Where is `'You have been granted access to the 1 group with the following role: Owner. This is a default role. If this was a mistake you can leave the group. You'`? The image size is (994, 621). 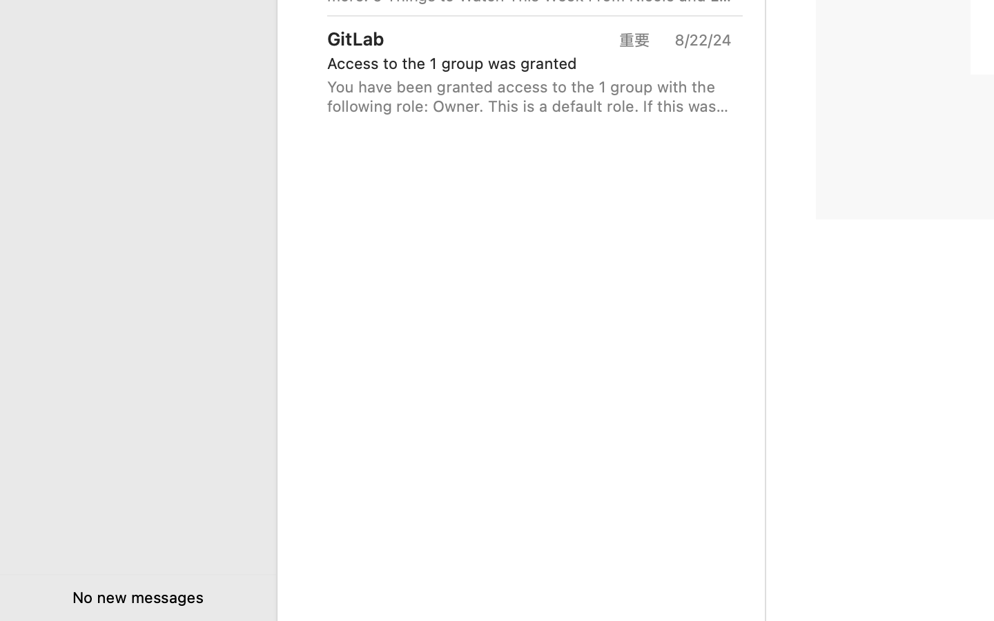
'You have been granted access to the 1 group with the following role: Owner. This is a default role. If this was a mistake you can leave the group. You' is located at coordinates (528, 97).